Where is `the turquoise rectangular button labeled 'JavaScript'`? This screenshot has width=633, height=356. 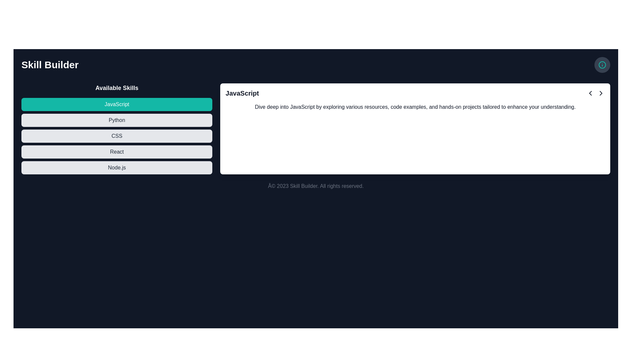
the turquoise rectangular button labeled 'JavaScript' is located at coordinates (117, 104).